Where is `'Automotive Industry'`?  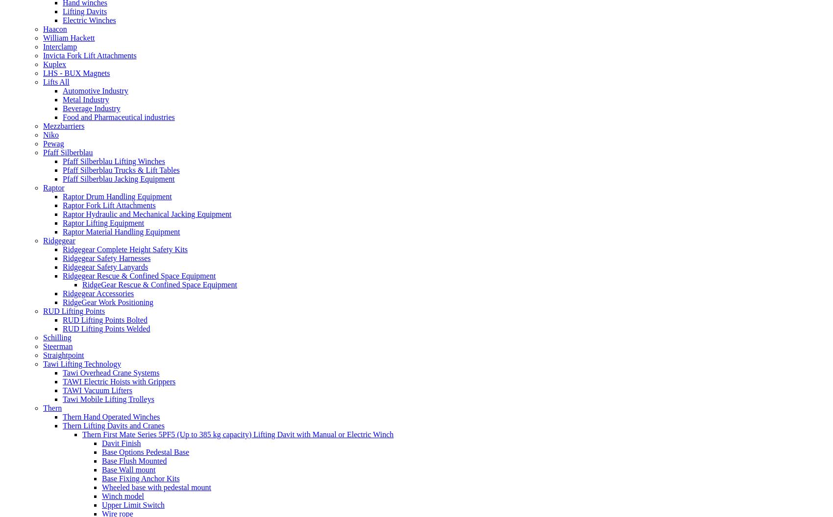
'Automotive Industry' is located at coordinates (95, 90).